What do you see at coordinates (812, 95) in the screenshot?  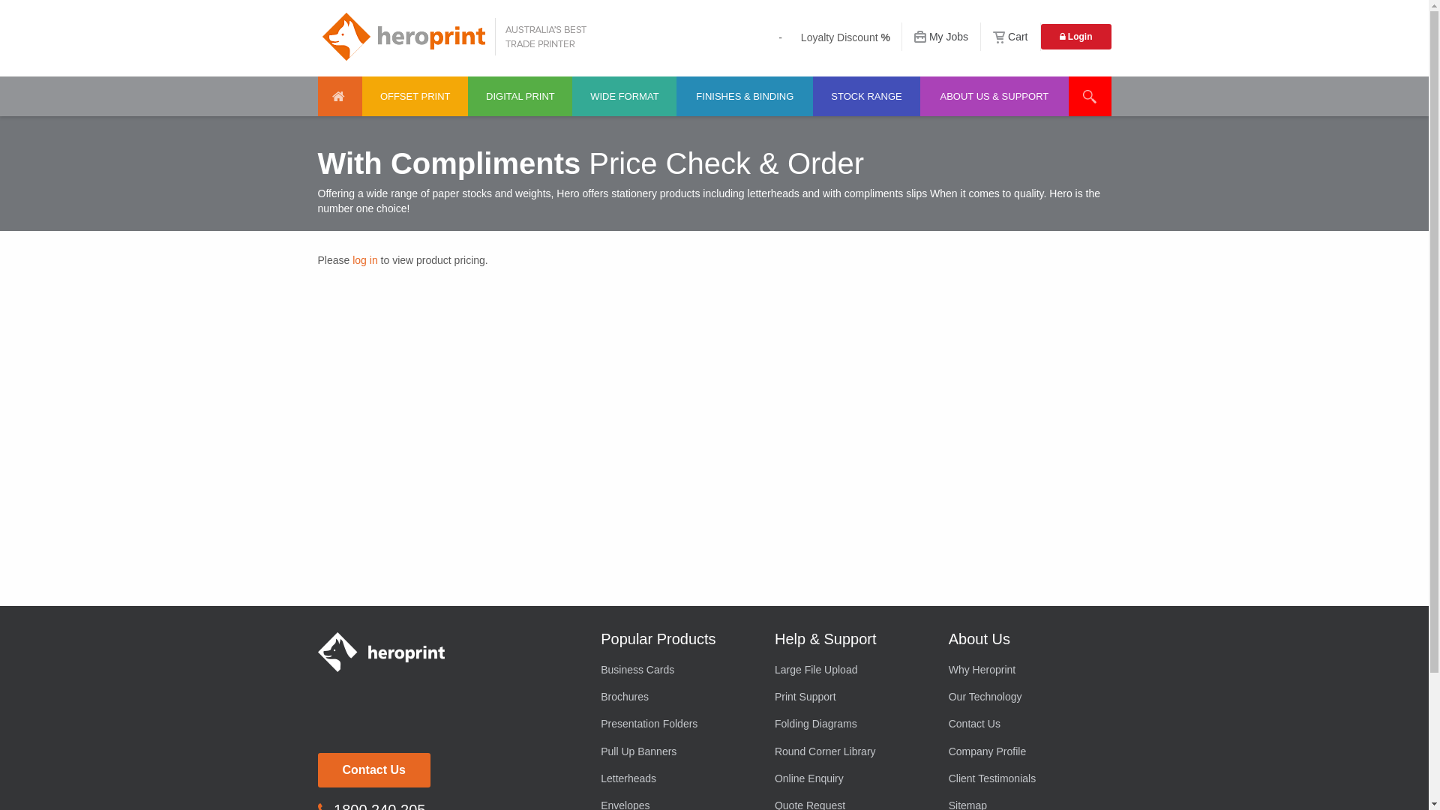 I see `'STOCK RANGE'` at bounding box center [812, 95].